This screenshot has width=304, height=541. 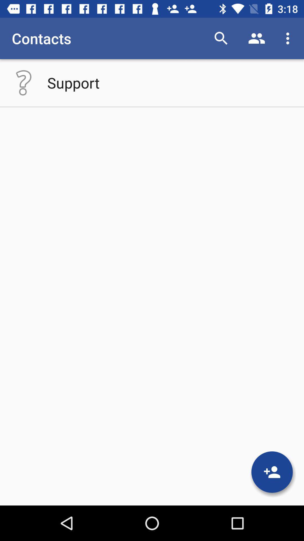 I want to click on contact support, so click(x=23, y=82).